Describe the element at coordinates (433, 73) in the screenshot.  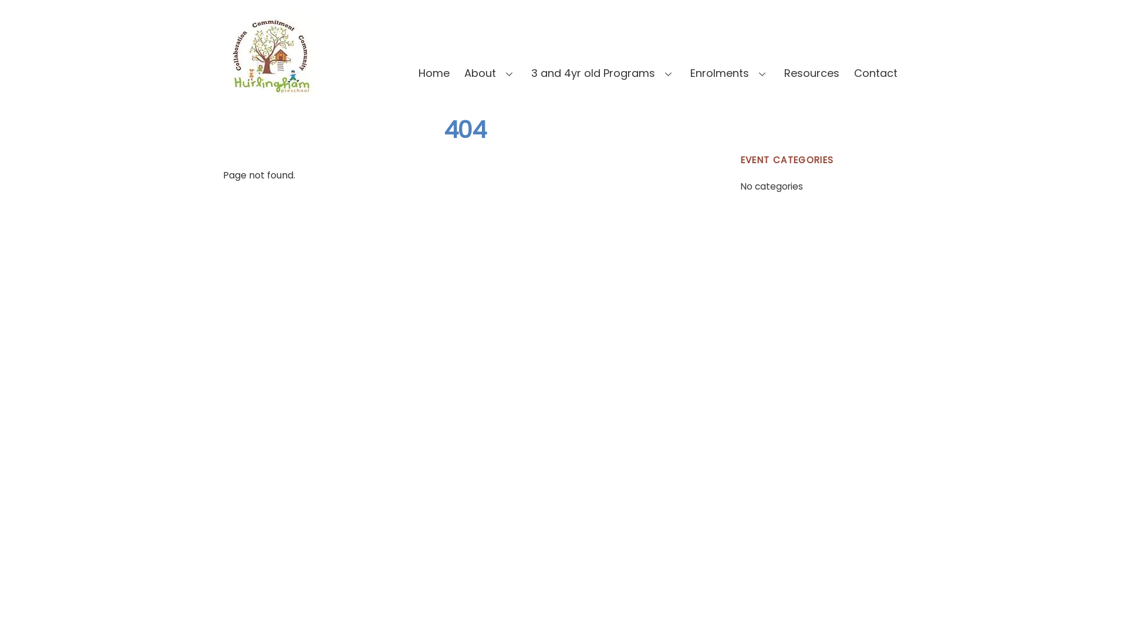
I see `'Home'` at that location.